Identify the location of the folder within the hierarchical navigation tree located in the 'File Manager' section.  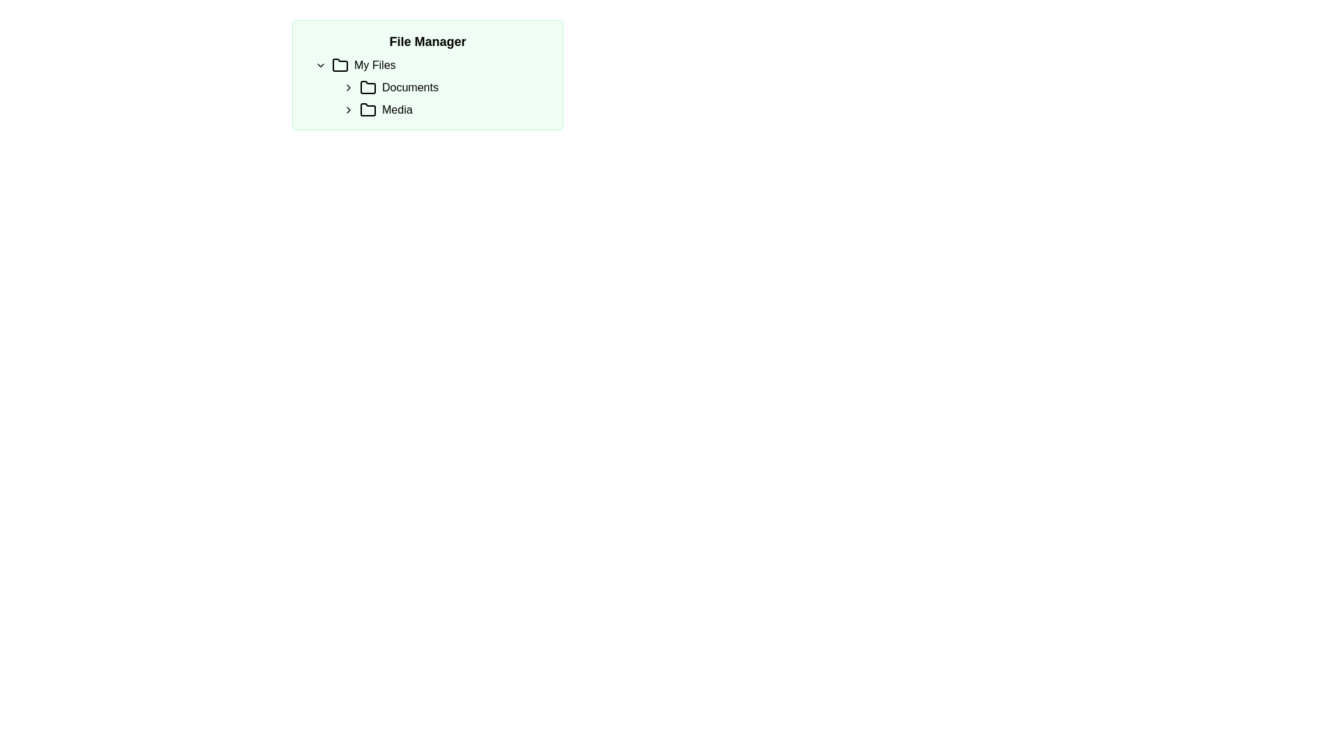
(427, 88).